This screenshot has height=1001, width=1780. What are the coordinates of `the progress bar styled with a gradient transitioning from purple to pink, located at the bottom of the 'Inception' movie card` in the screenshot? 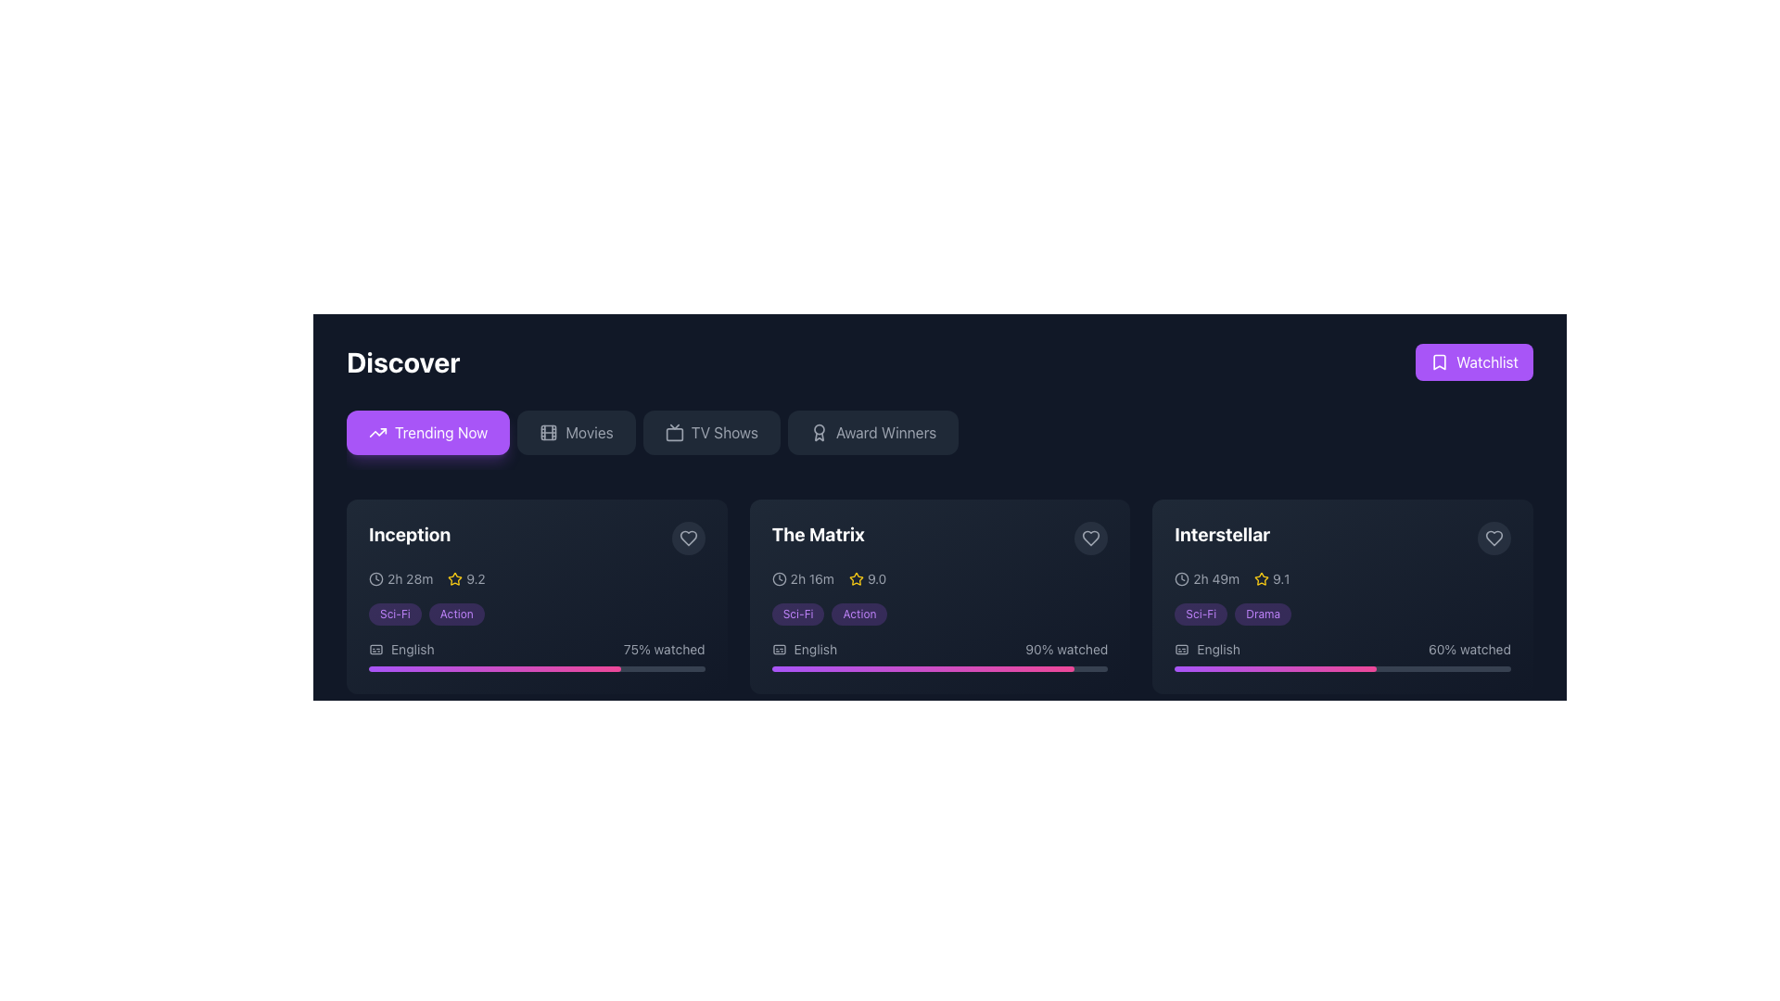 It's located at (494, 668).